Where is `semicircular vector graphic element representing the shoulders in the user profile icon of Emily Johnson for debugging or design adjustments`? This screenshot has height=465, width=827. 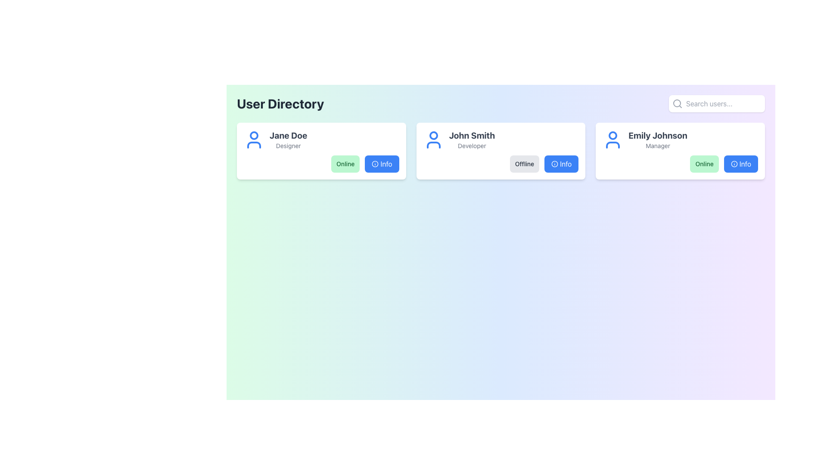
semicircular vector graphic element representing the shoulders in the user profile icon of Emily Johnson for debugging or design adjustments is located at coordinates (612, 144).